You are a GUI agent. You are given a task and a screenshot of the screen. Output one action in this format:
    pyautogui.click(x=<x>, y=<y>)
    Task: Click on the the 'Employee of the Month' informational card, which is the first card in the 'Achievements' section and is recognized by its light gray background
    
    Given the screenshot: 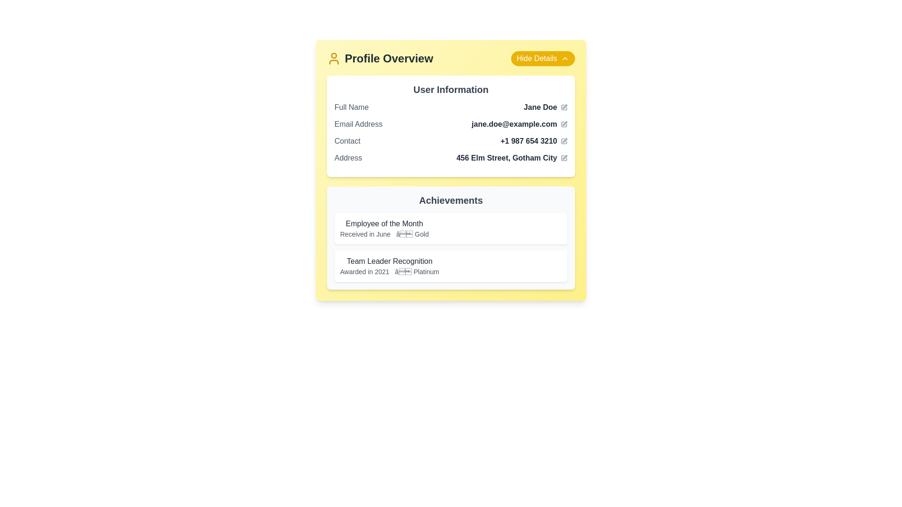 What is the action you would take?
    pyautogui.click(x=451, y=228)
    